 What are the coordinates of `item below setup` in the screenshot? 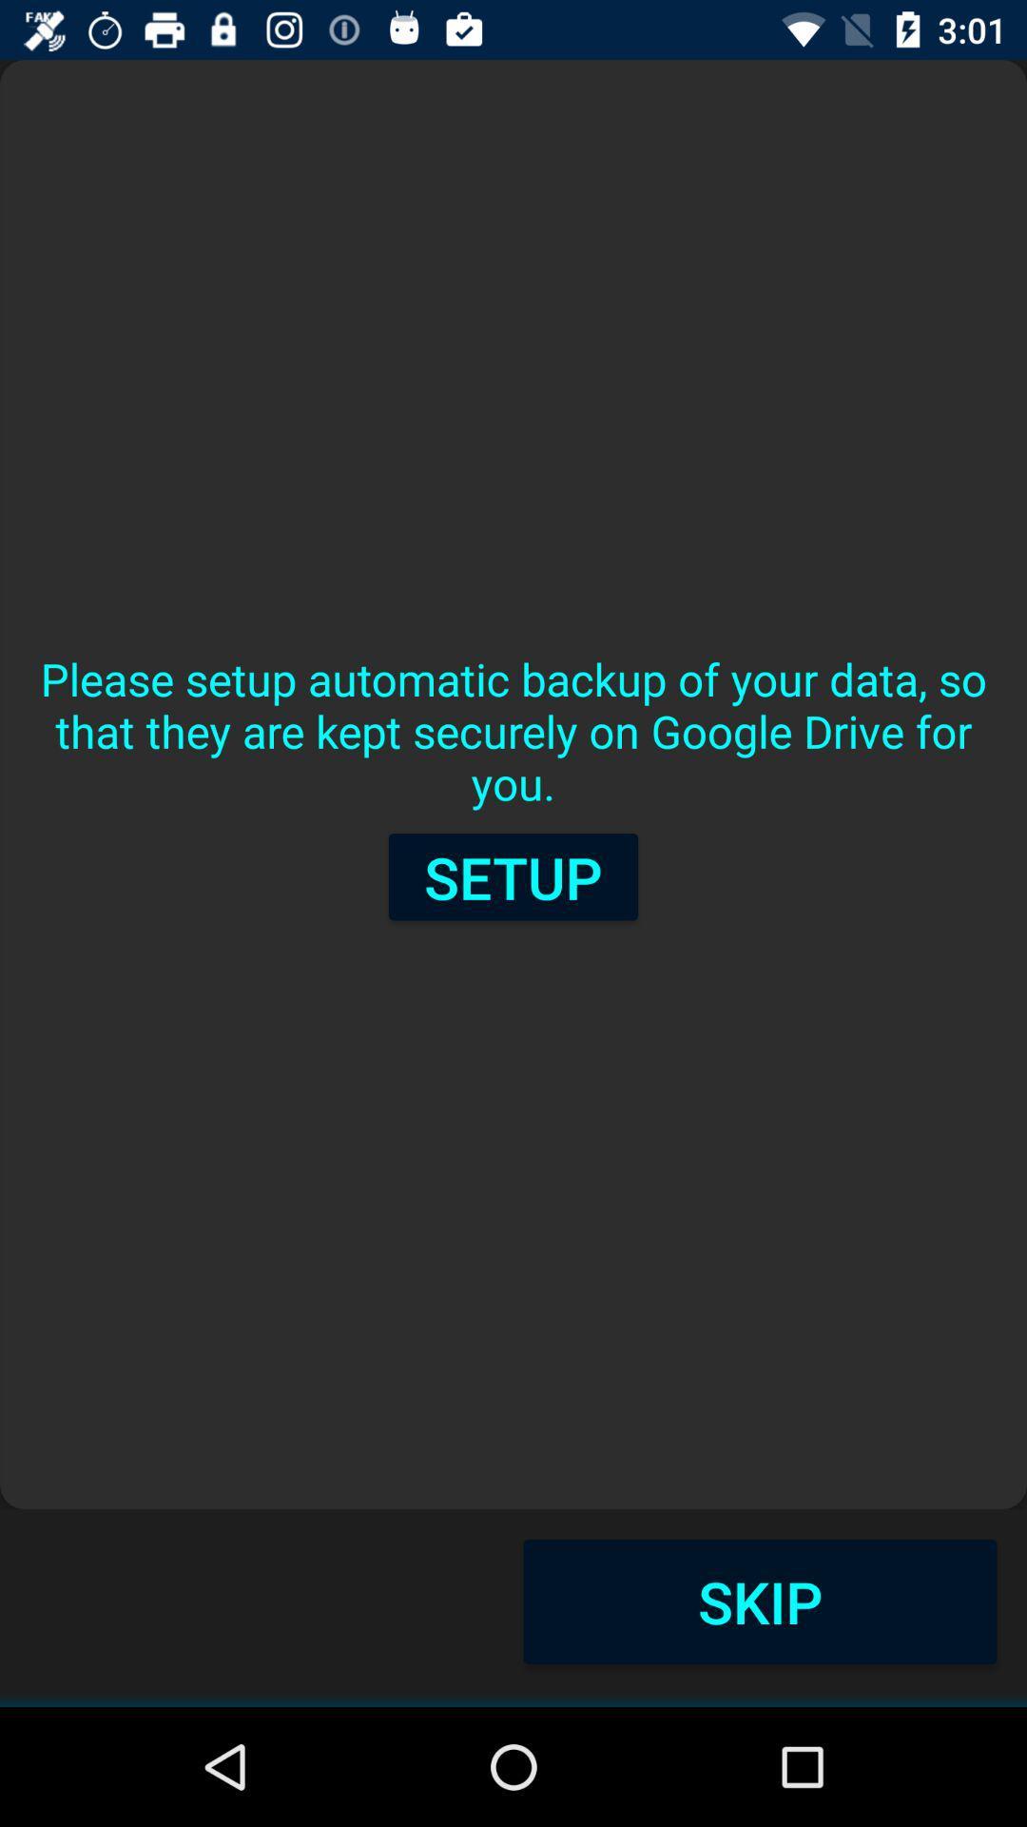 It's located at (759, 1601).